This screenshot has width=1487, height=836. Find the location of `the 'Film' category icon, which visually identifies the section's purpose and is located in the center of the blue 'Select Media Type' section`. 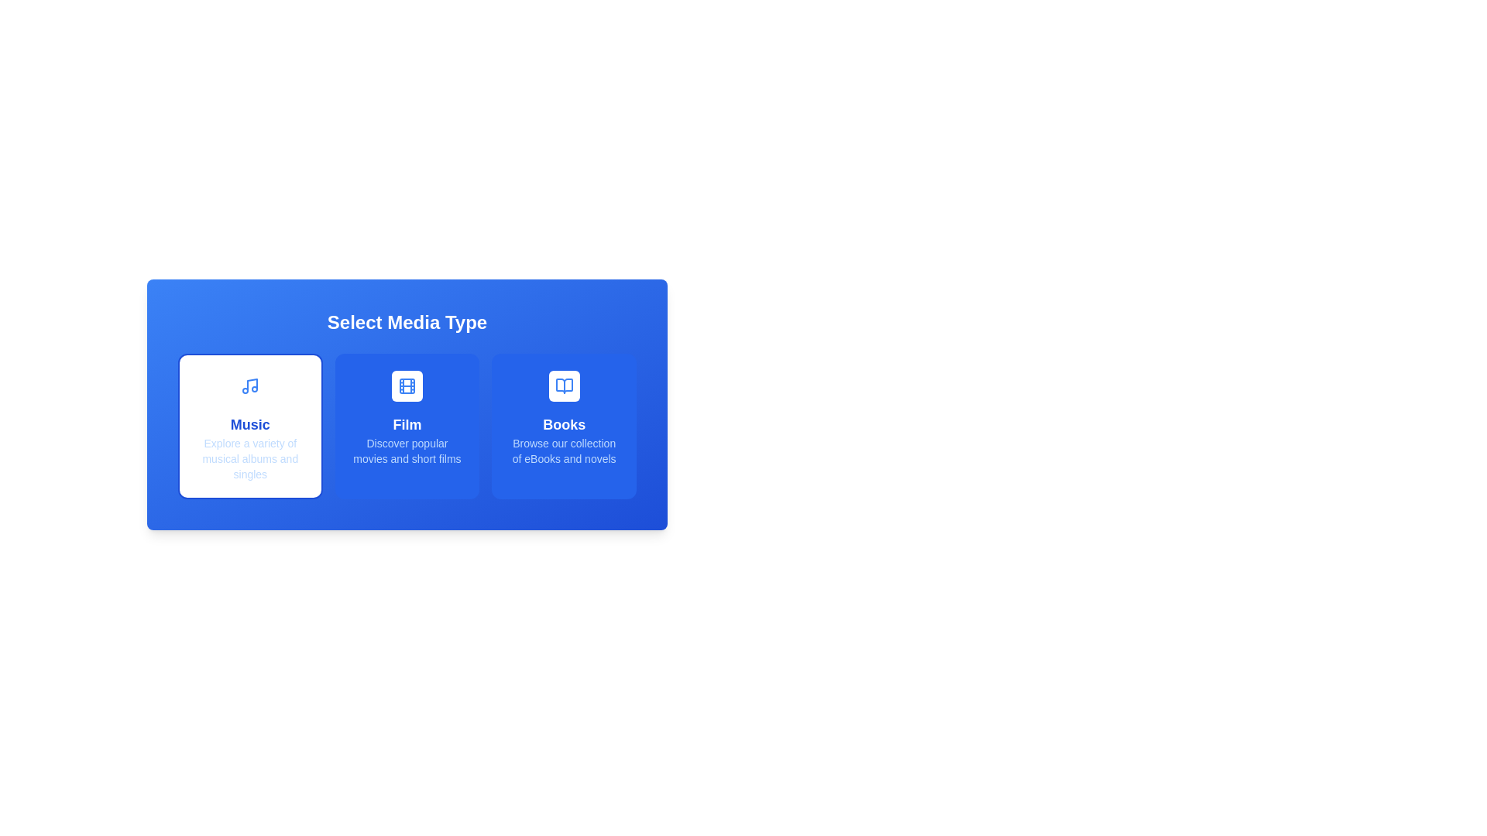

the 'Film' category icon, which visually identifies the section's purpose and is located in the center of the blue 'Select Media Type' section is located at coordinates (407, 385).